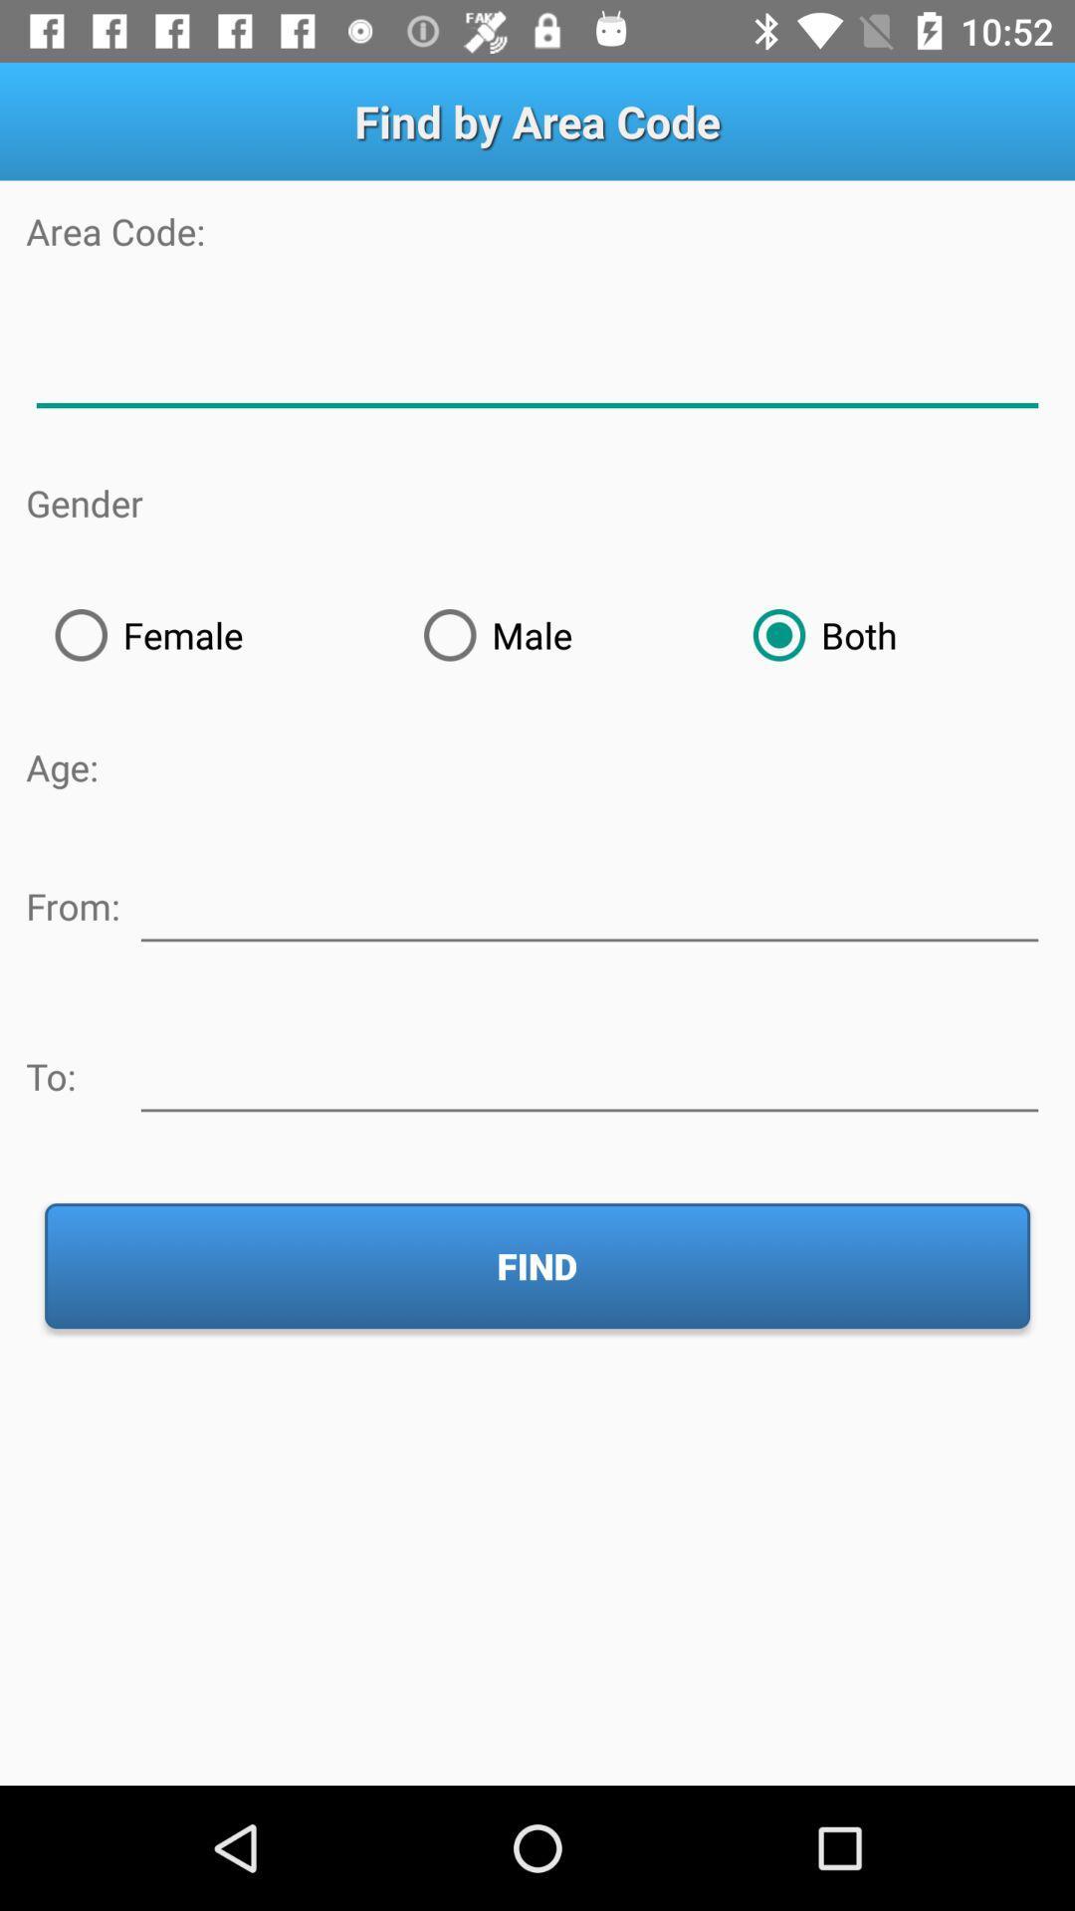  What do you see at coordinates (885, 634) in the screenshot?
I see `radio button to the right of the male` at bounding box center [885, 634].